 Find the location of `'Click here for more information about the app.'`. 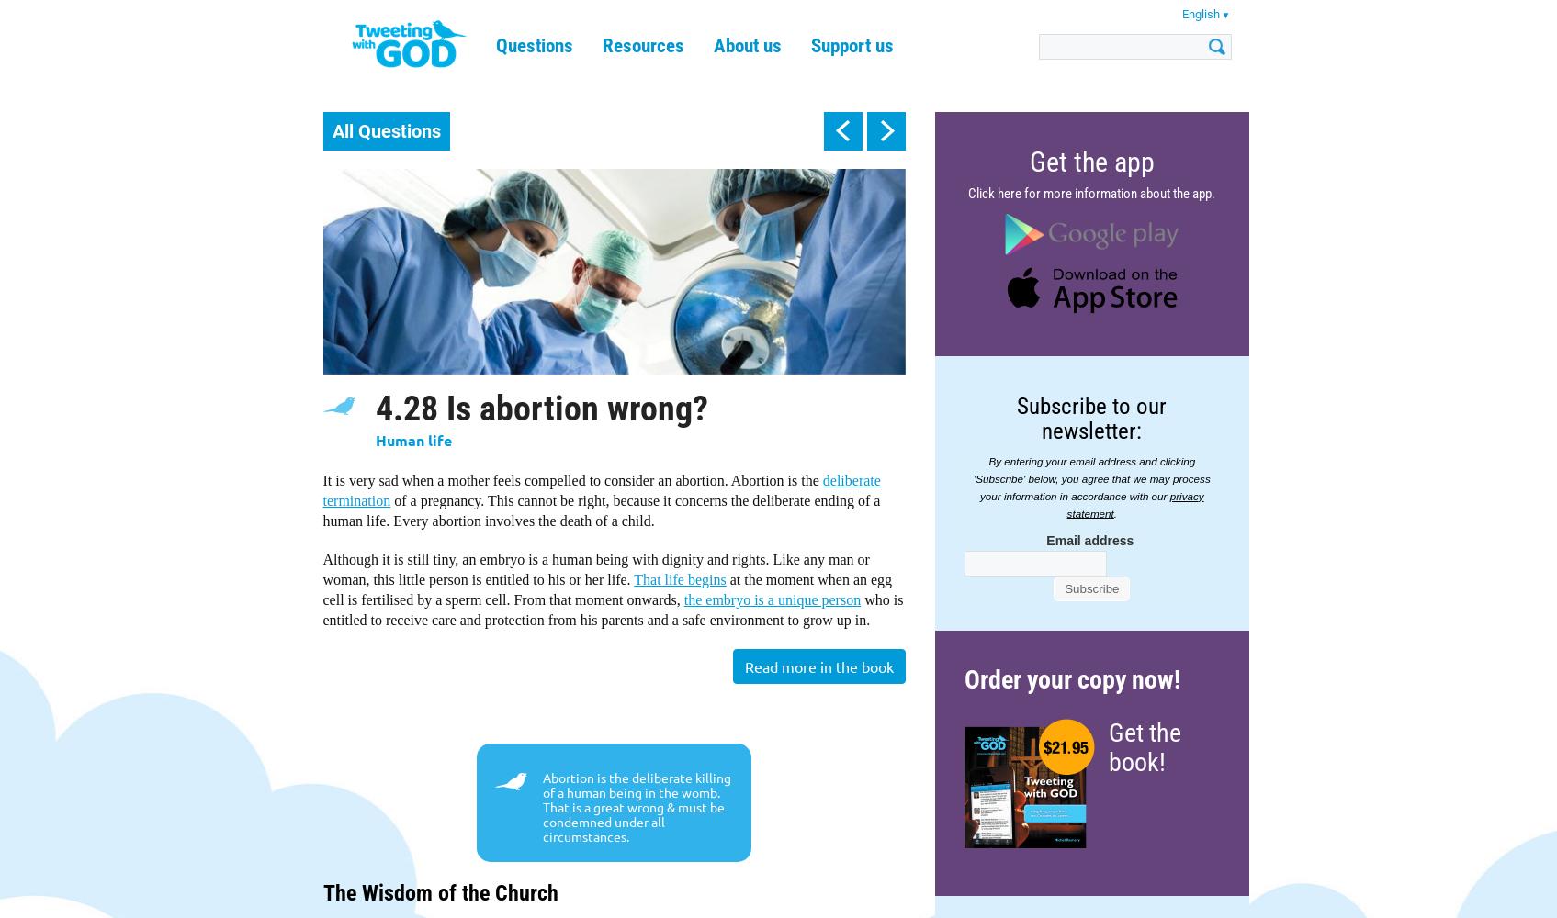

'Click here for more information about the app.' is located at coordinates (1091, 193).